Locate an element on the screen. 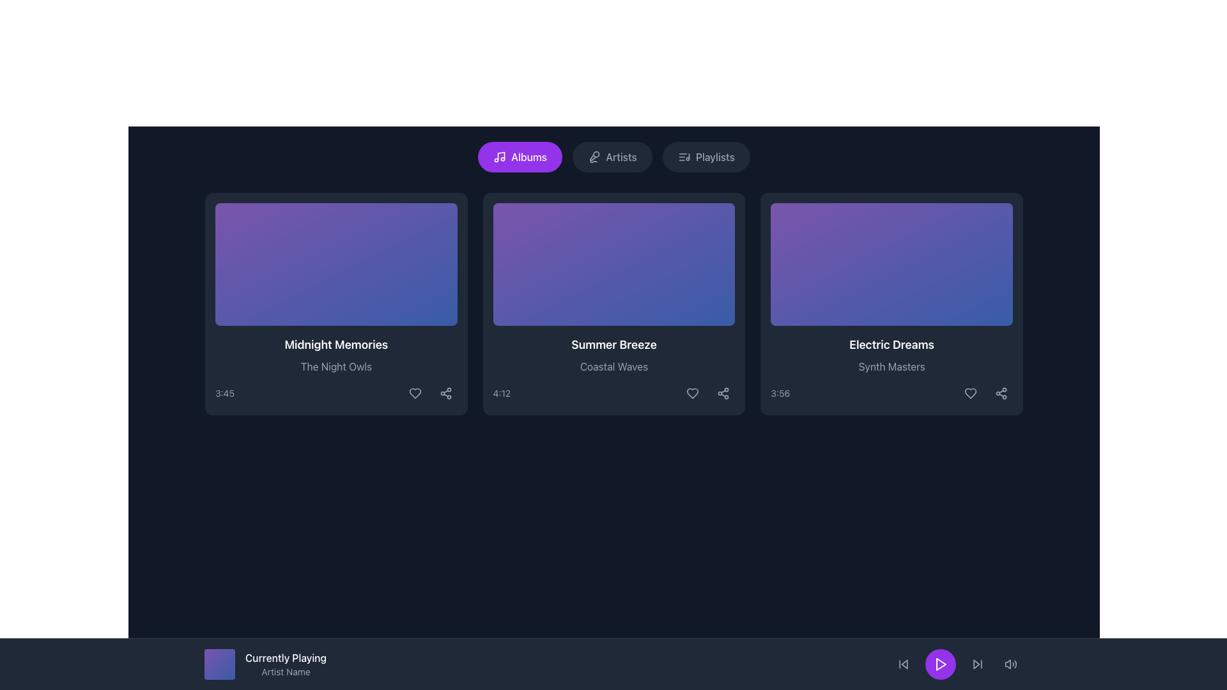 The height and width of the screenshot is (690, 1227). the favorite button located at the bottom right corner of the 'Electric Dreams' card is located at coordinates (970, 393).